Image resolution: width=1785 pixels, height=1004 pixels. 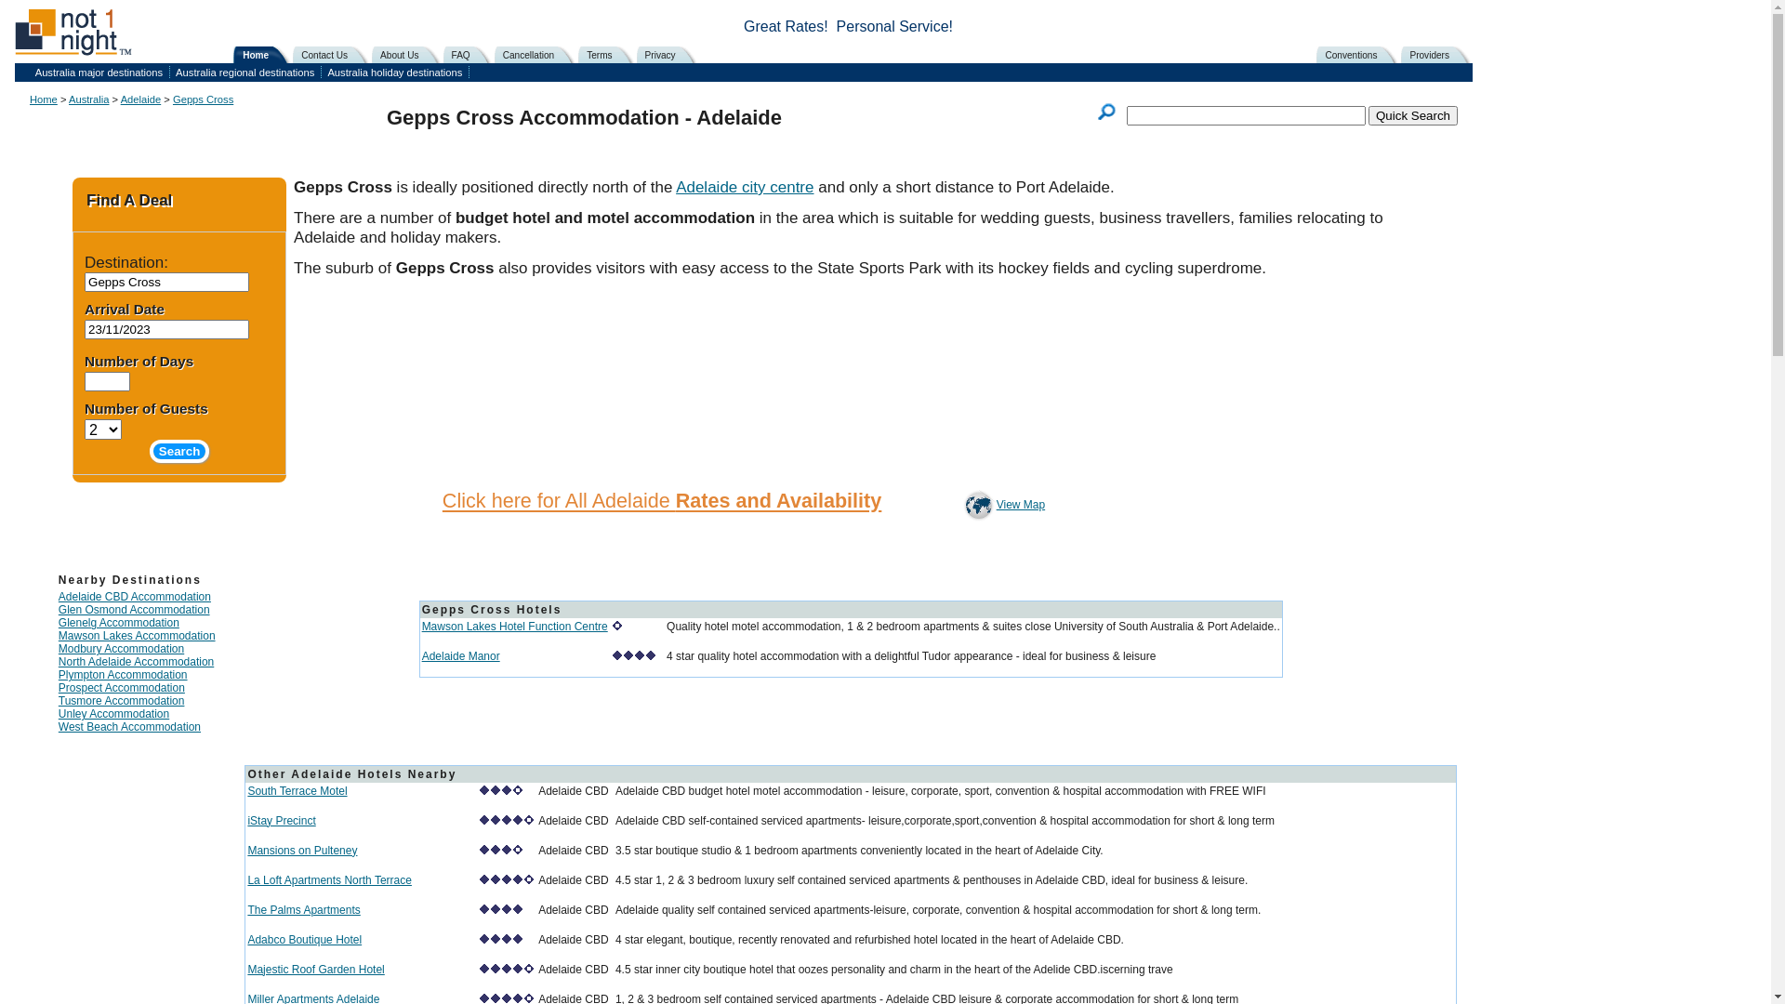 What do you see at coordinates (329, 879) in the screenshot?
I see `'La Loft Apartments North Terrace'` at bounding box center [329, 879].